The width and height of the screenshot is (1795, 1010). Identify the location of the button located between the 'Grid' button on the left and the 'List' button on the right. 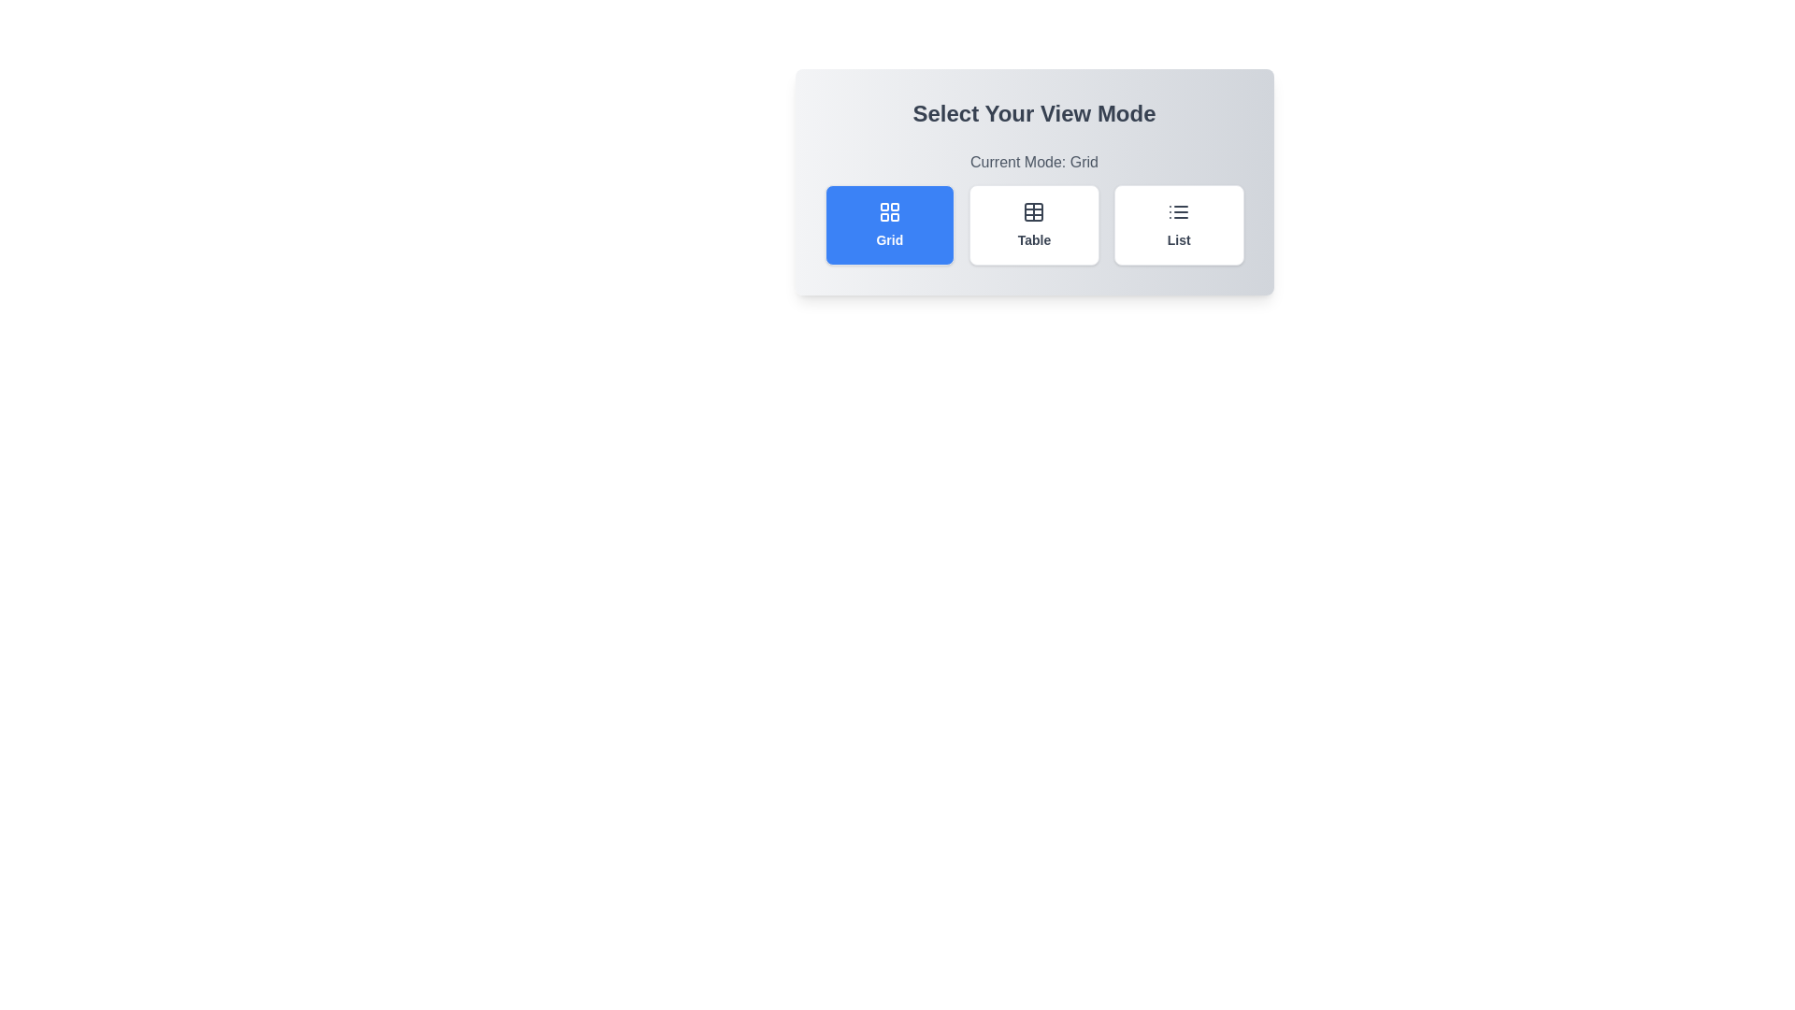
(1033, 224).